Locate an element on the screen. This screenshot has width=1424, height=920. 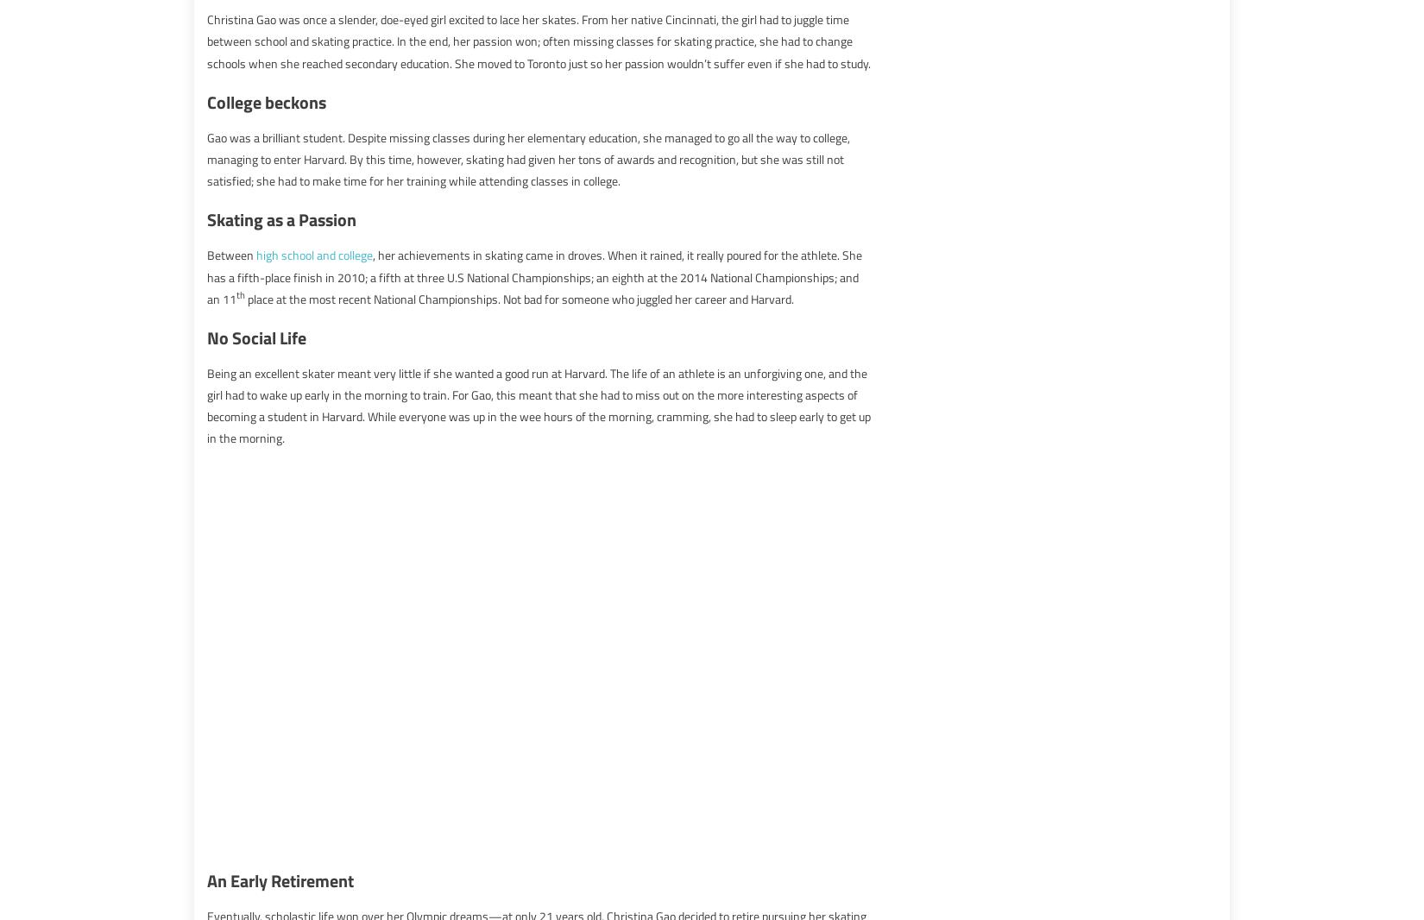
'Gao was a brilliant student. Despite missing classes during her elementary education, she managed to go all the way to college, managing to enter Harvard. By this time, however, skating had given her tons of awards and recognition, but she was still not satisfied; she had to make time for her training while attending classes in college.' is located at coordinates (527, 157).